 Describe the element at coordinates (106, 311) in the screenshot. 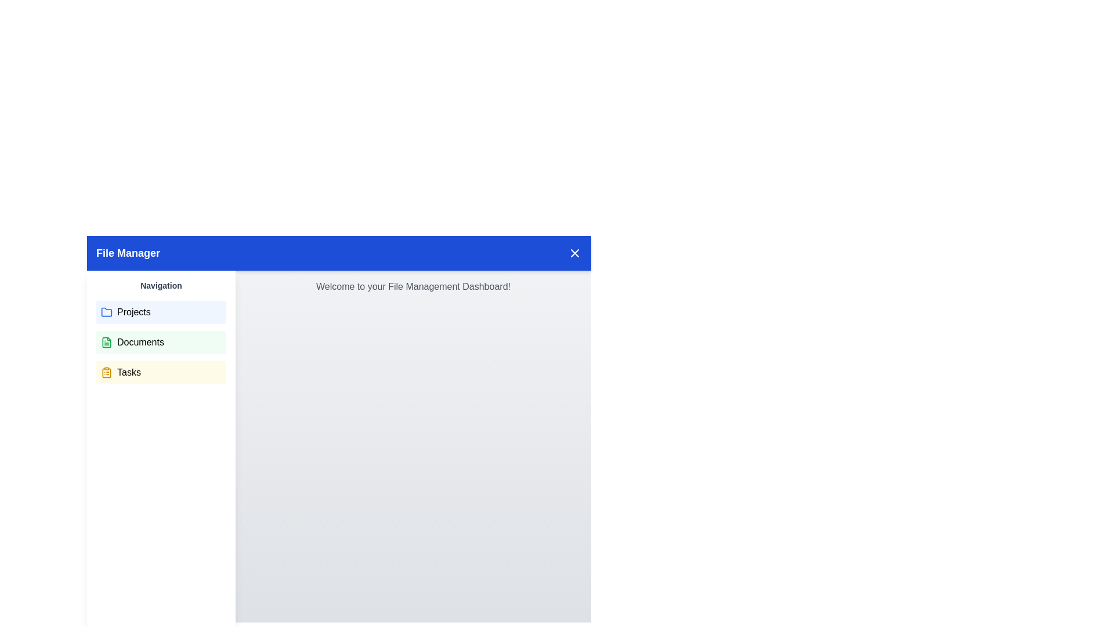

I see `the folder-shaped icon in the navigation menu` at that location.